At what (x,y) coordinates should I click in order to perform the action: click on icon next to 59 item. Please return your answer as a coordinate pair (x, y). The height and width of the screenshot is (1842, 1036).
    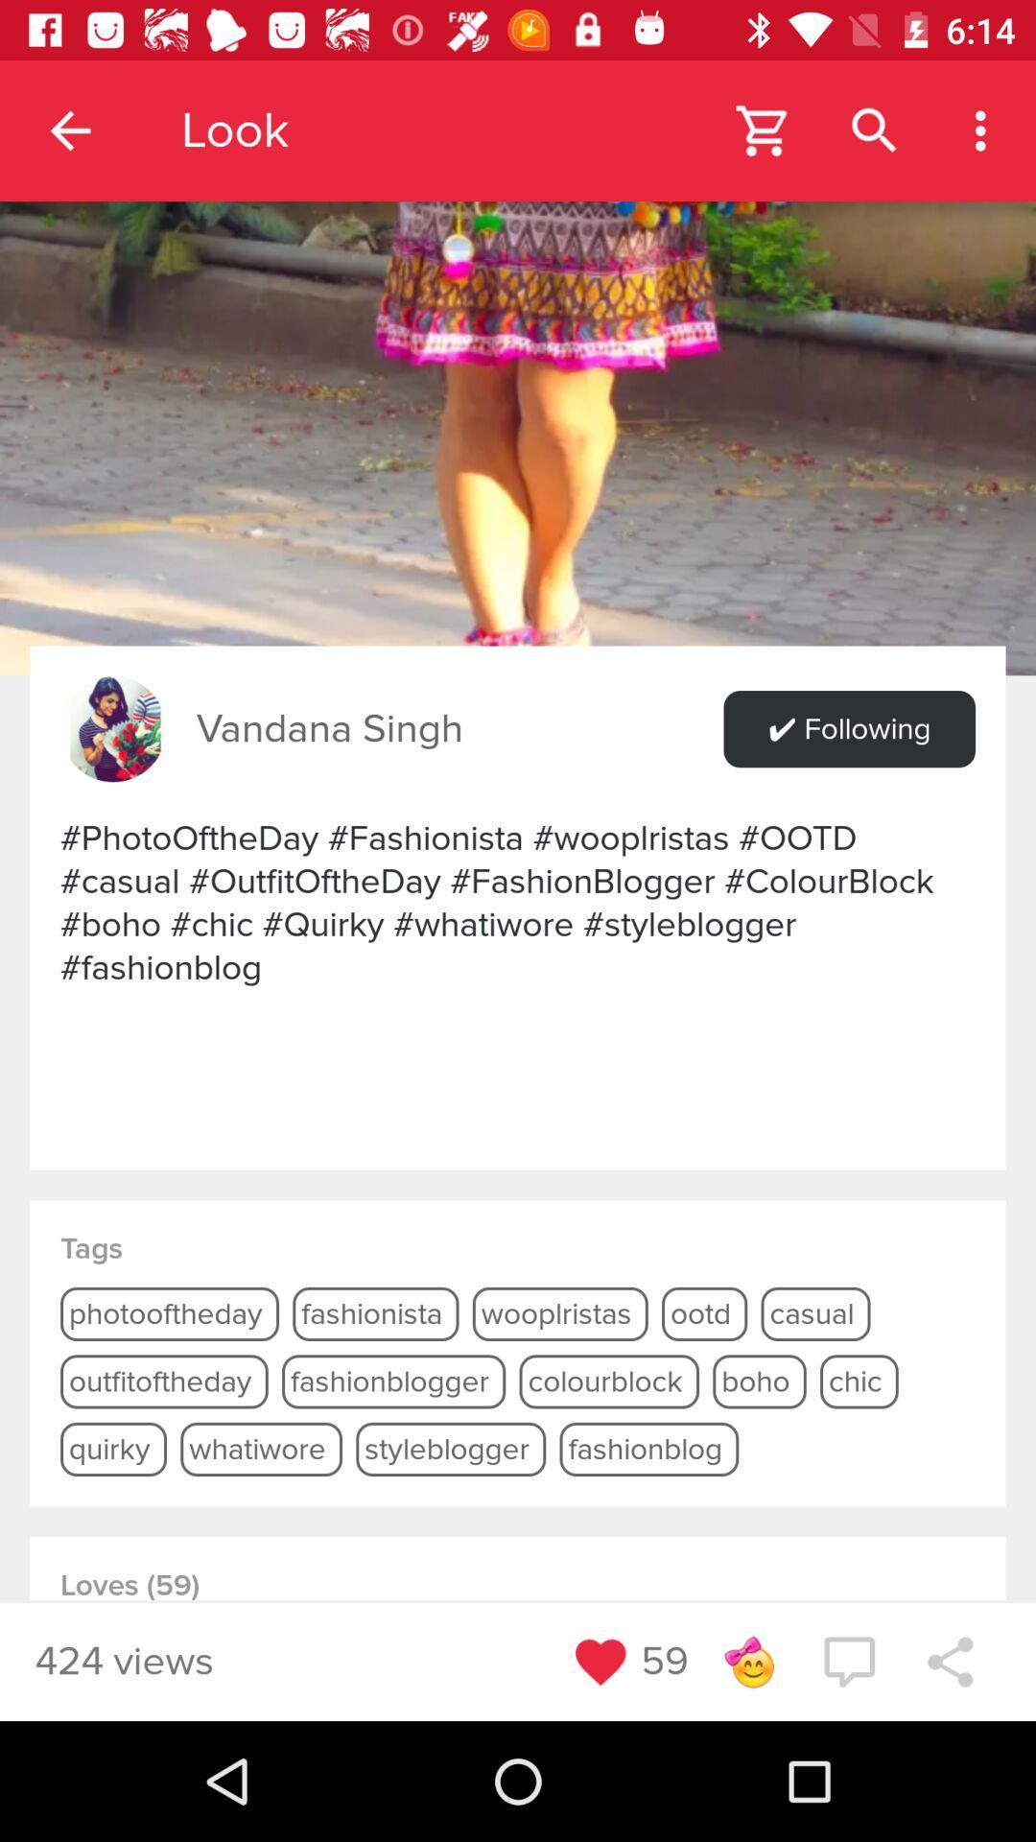
    Looking at the image, I should click on (747, 1661).